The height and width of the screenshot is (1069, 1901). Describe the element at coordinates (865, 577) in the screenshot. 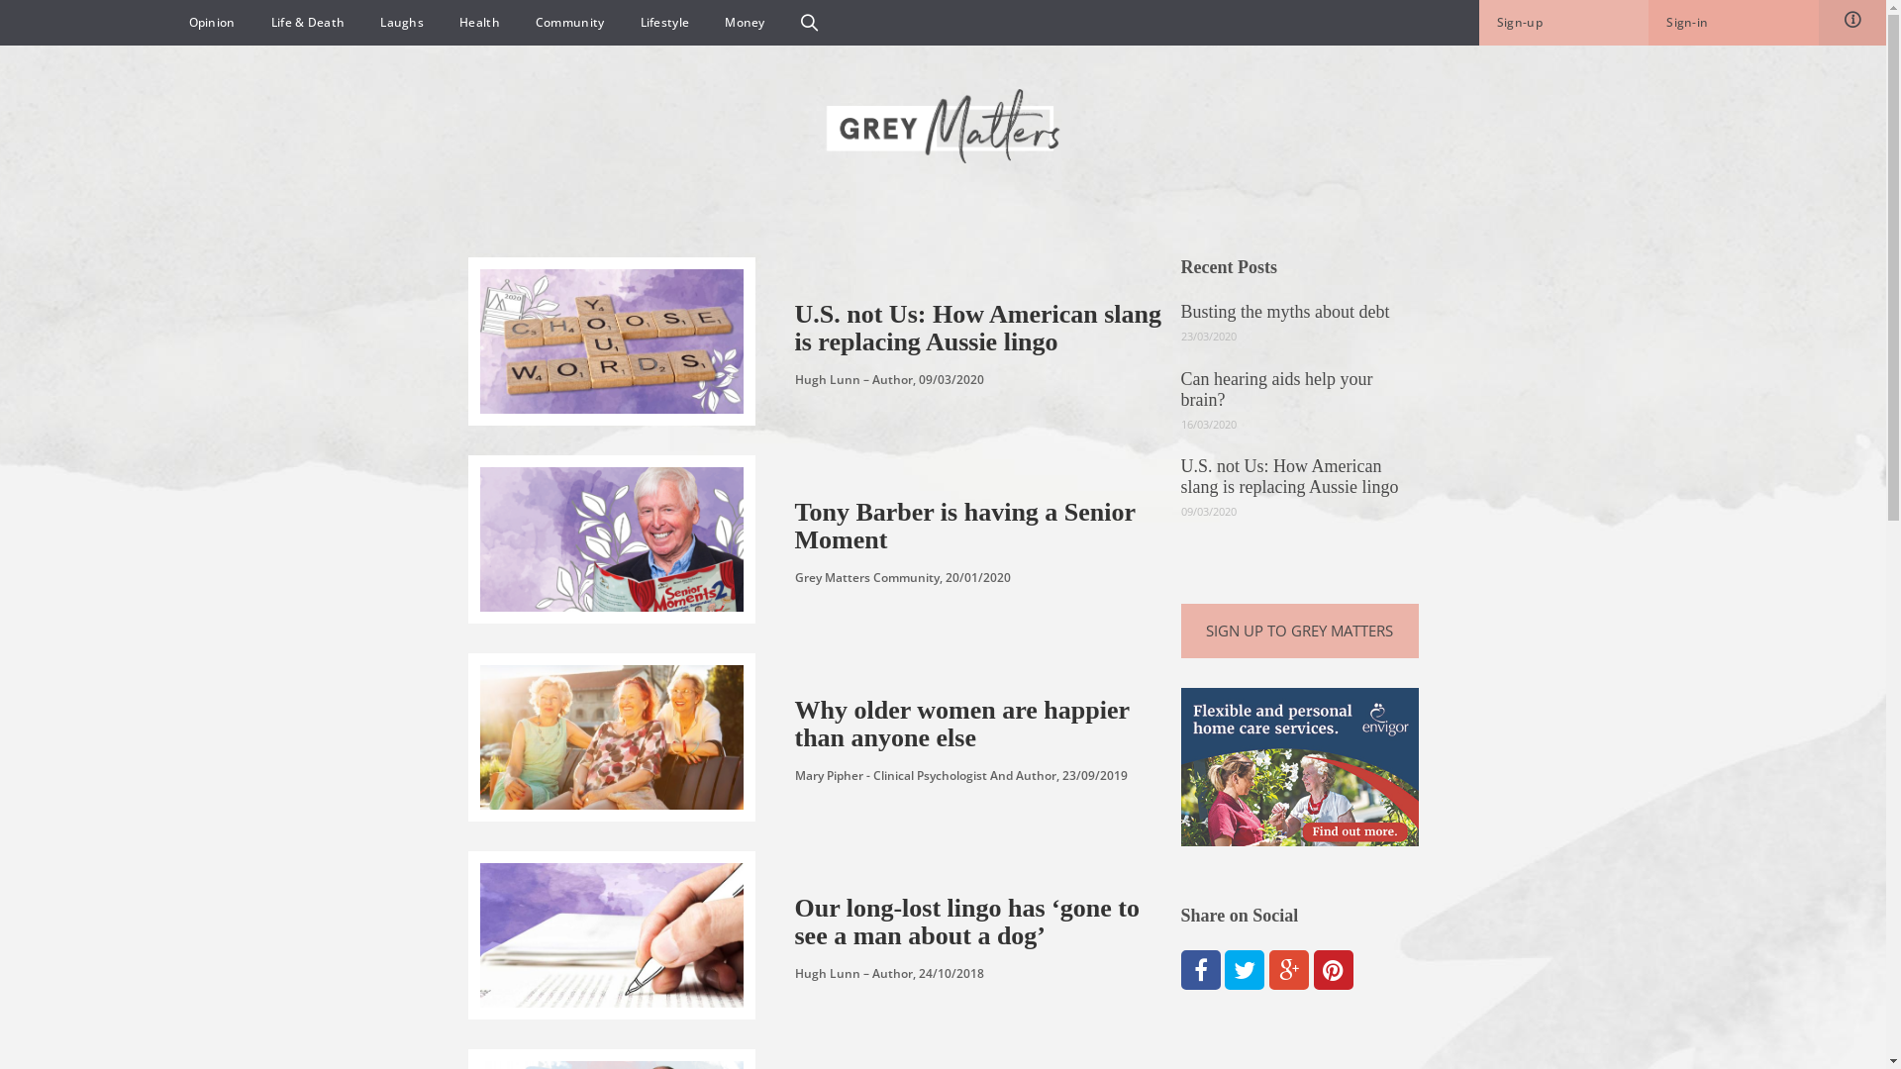

I see `'Grey Matters Community'` at that location.